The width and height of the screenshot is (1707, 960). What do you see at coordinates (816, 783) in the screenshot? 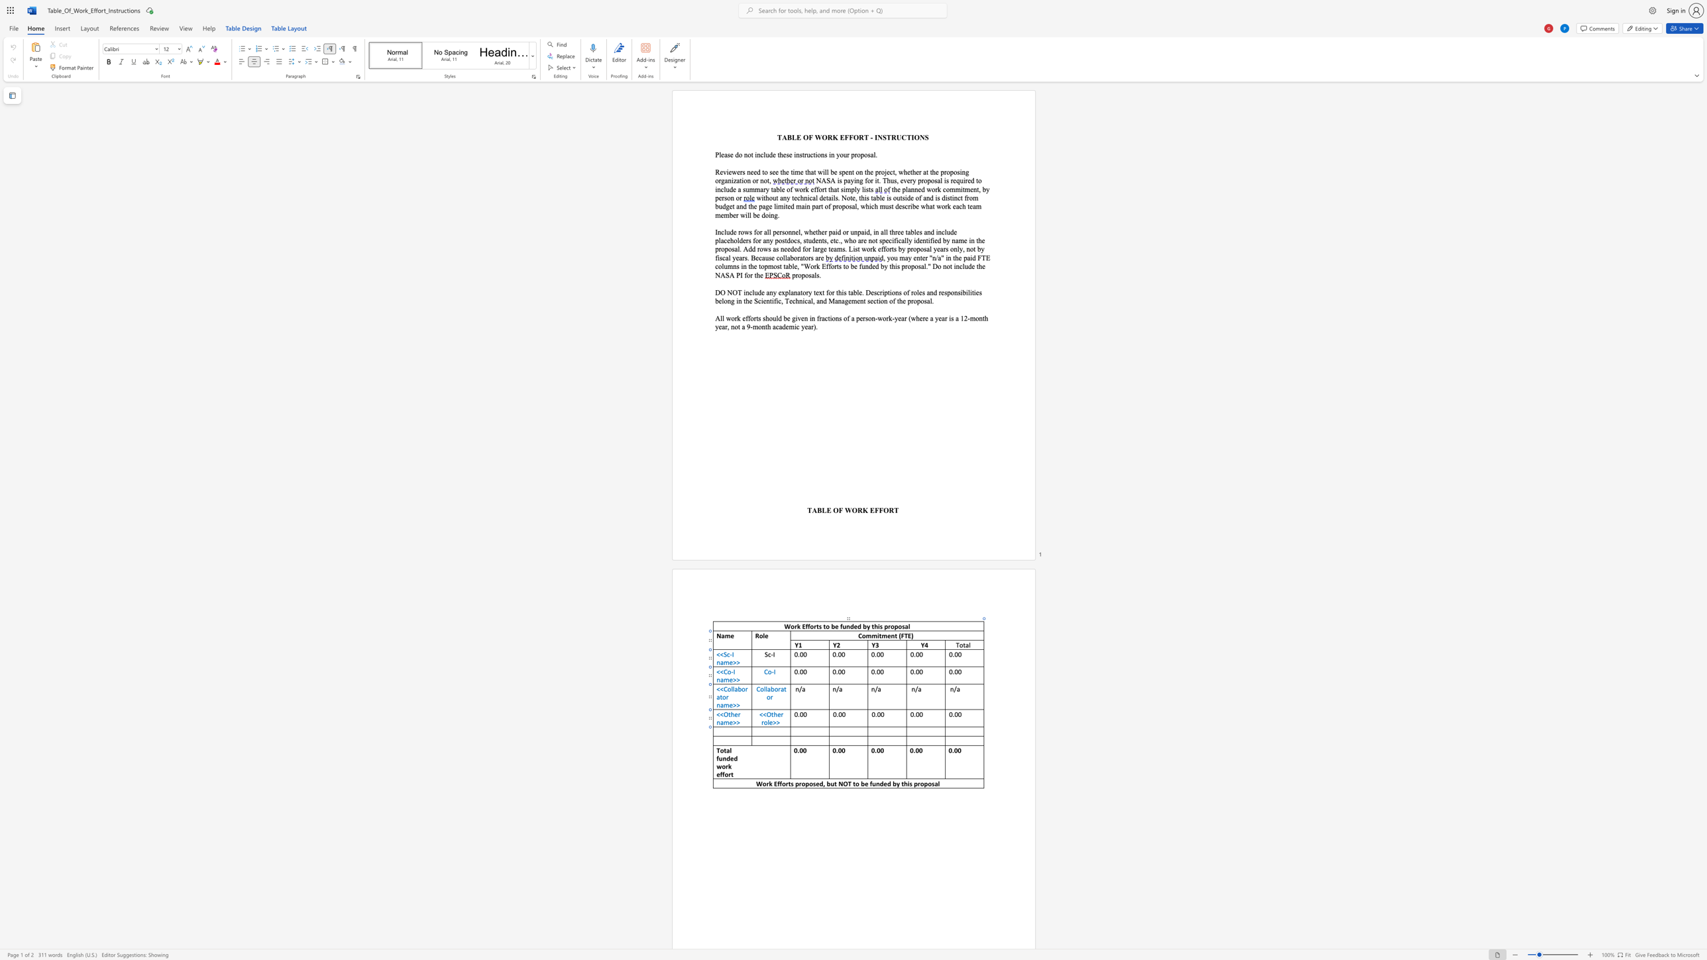
I see `the space between the continuous character "s" and "e" in the text` at bounding box center [816, 783].